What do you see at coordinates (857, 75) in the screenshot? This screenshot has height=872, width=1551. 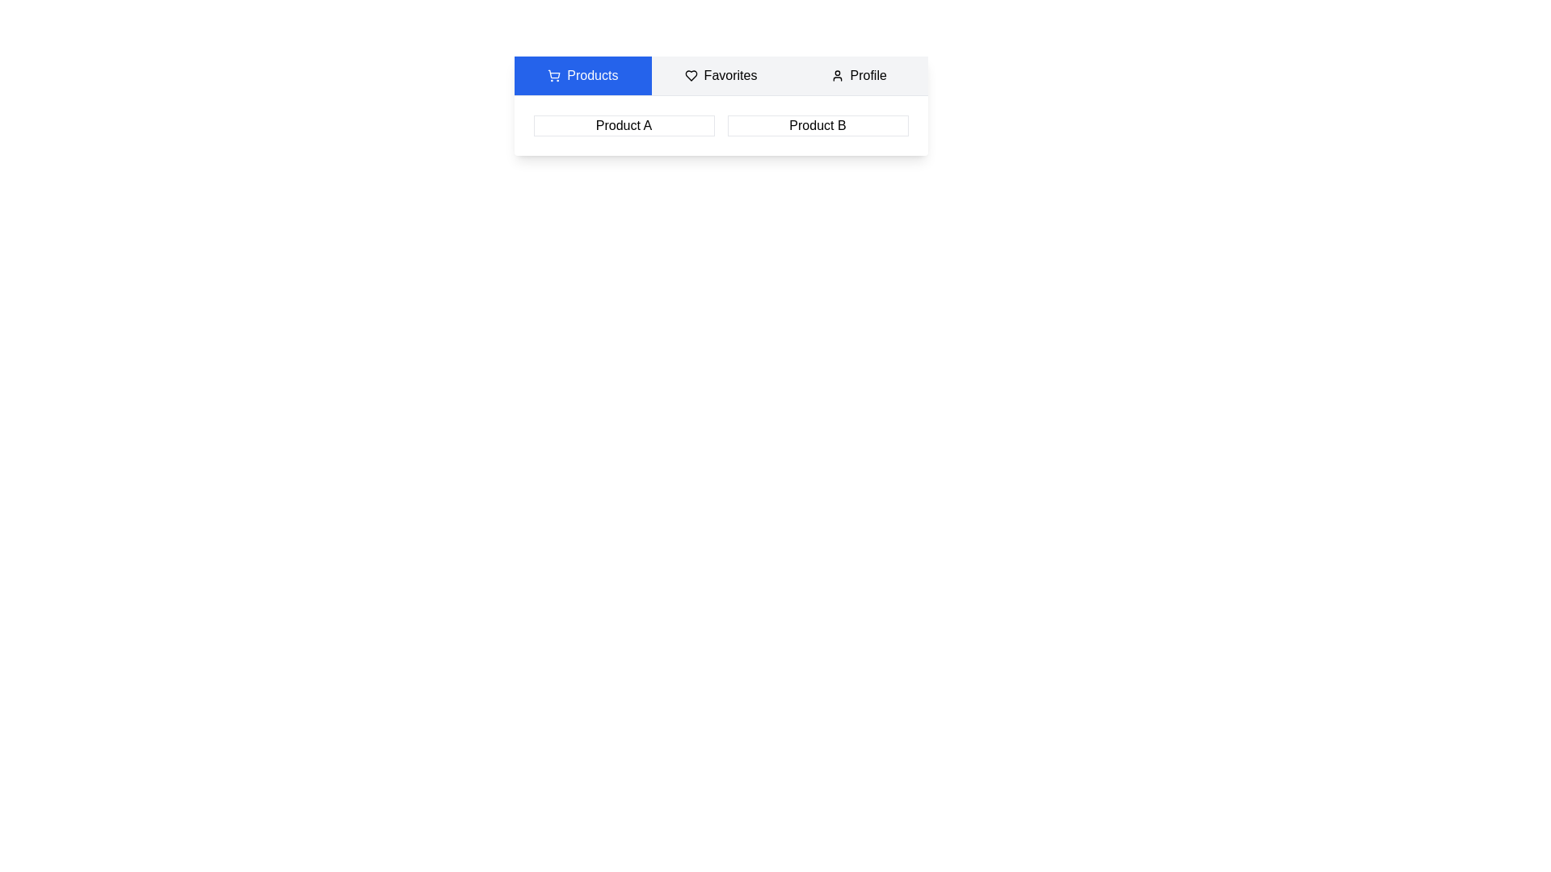 I see `the 'Profile' tab to view its content` at bounding box center [857, 75].